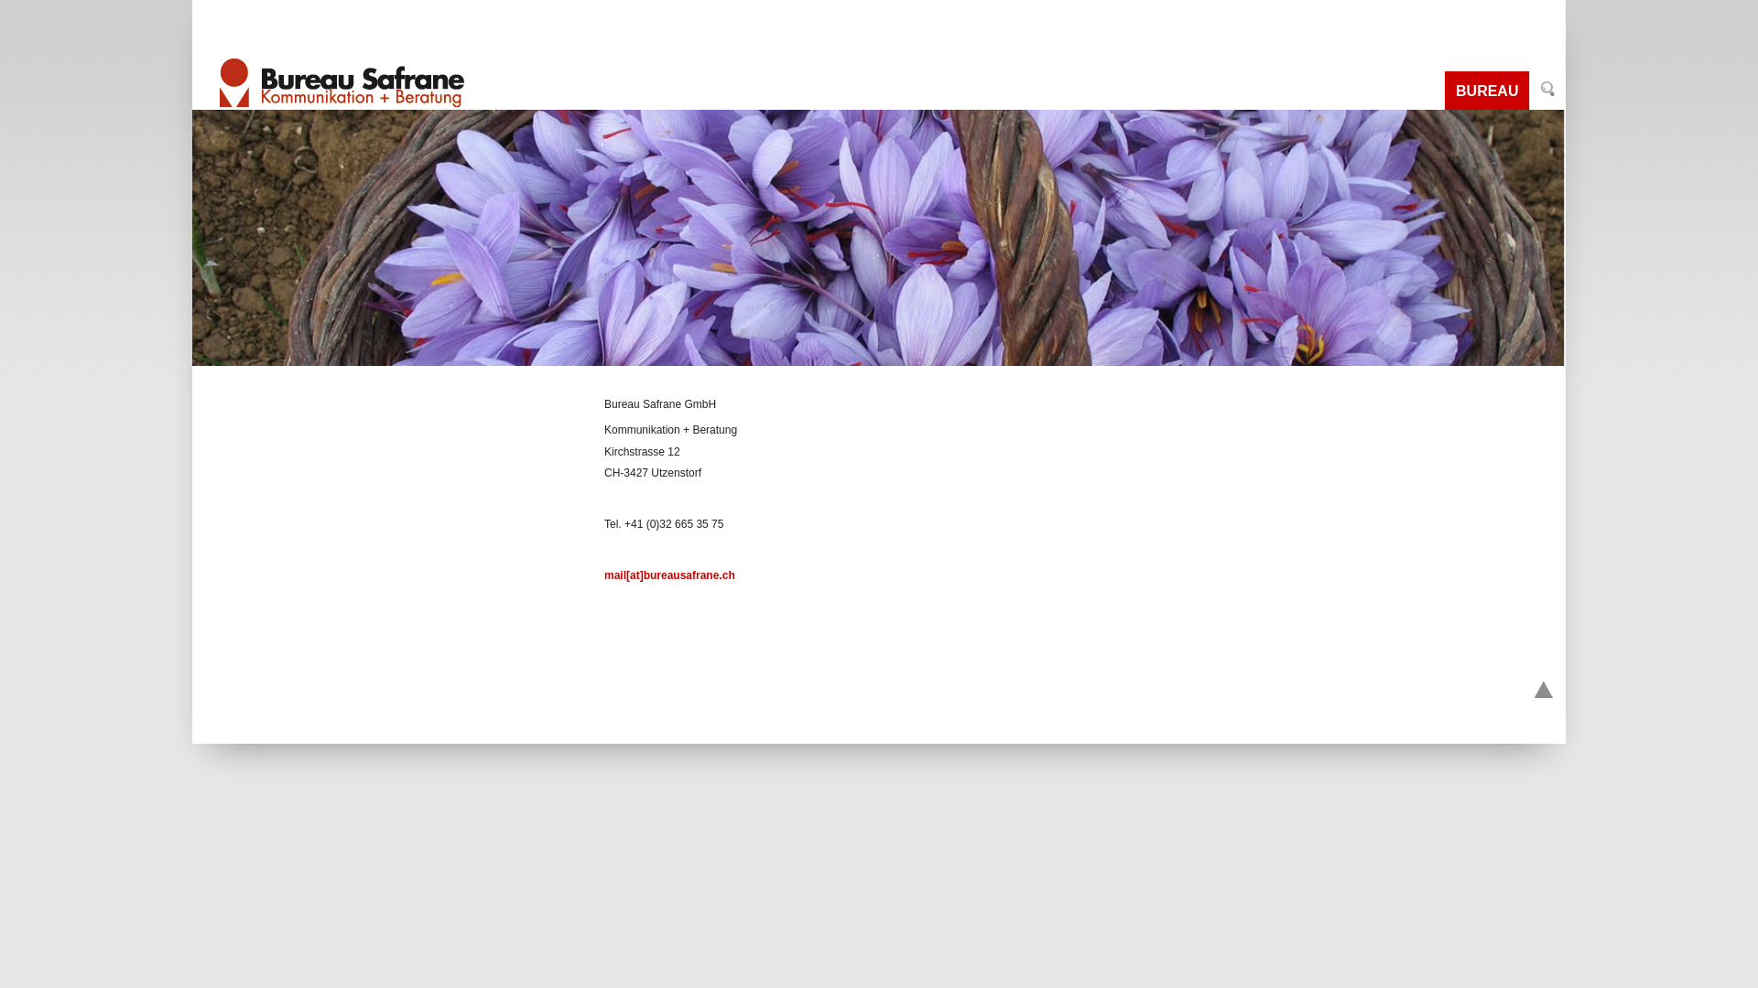 This screenshot has height=988, width=1758. I want to click on 'Go to top', so click(1542, 691).